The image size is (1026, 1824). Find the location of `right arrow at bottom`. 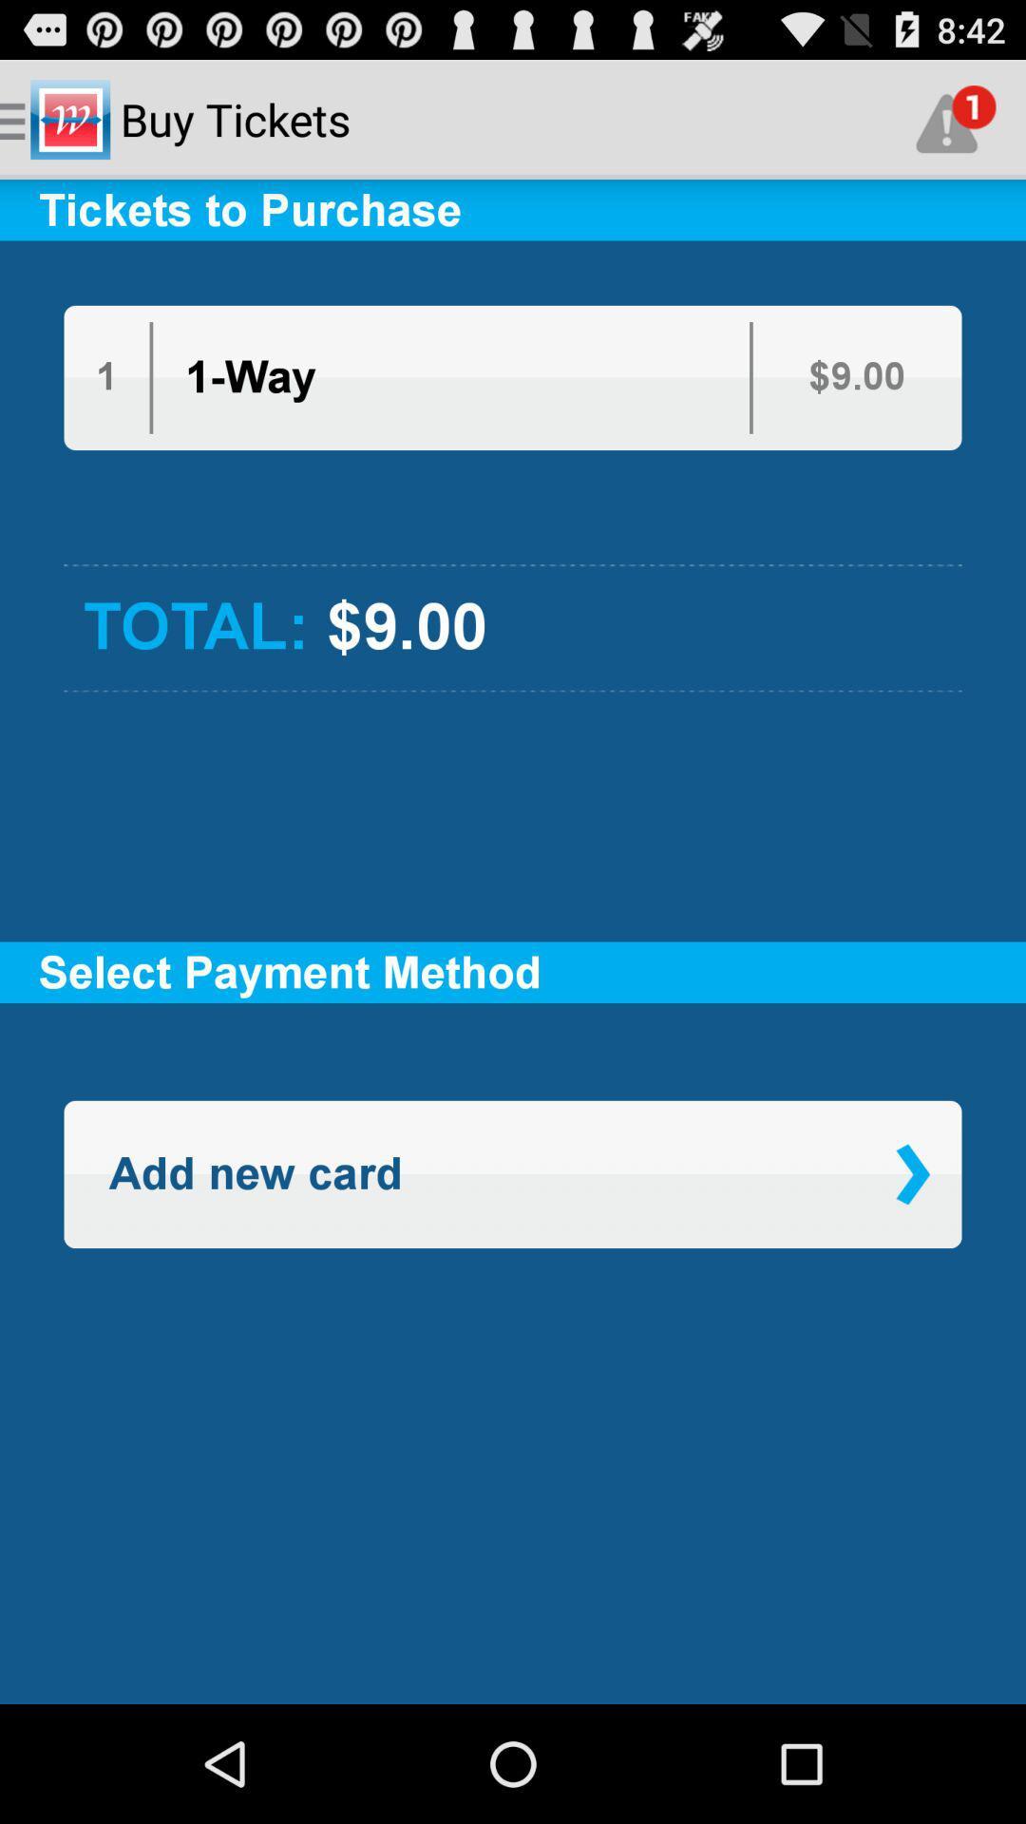

right arrow at bottom is located at coordinates (912, 1173).